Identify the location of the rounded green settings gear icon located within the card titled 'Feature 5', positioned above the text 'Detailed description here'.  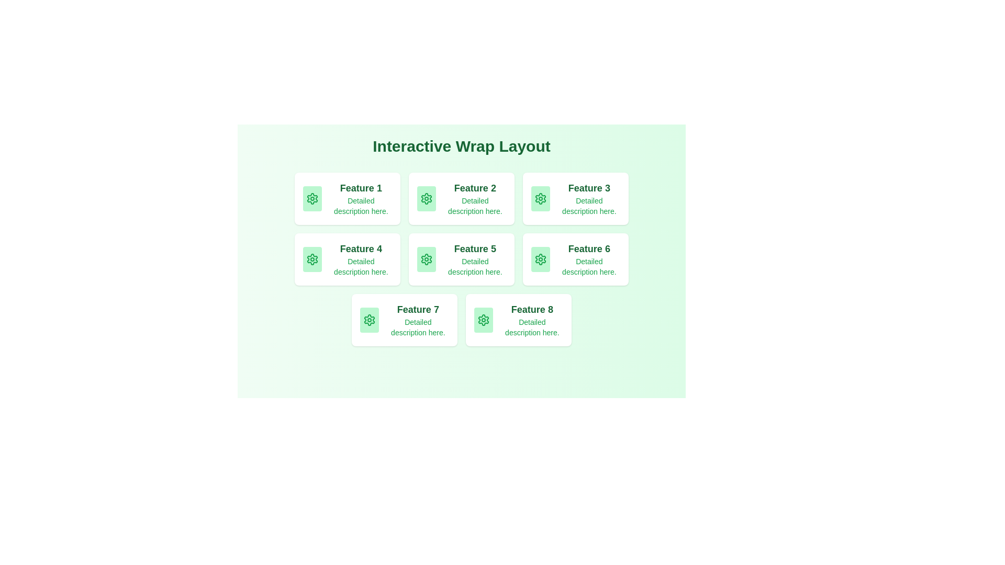
(426, 259).